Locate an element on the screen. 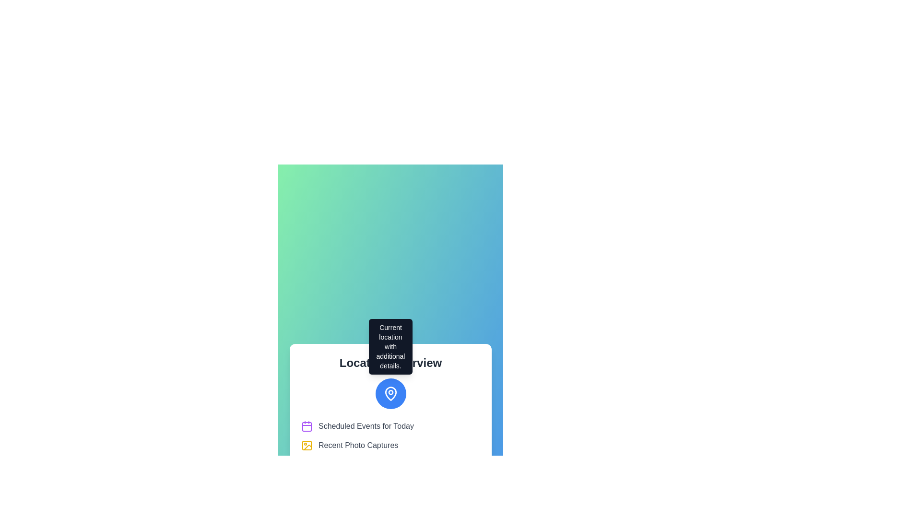 Image resolution: width=921 pixels, height=518 pixels. the header element that features a calendar icon with a purple outline and the text 'Scheduled Events for Today' in gray font, which is located at the top of the vertical list is located at coordinates (390, 425).